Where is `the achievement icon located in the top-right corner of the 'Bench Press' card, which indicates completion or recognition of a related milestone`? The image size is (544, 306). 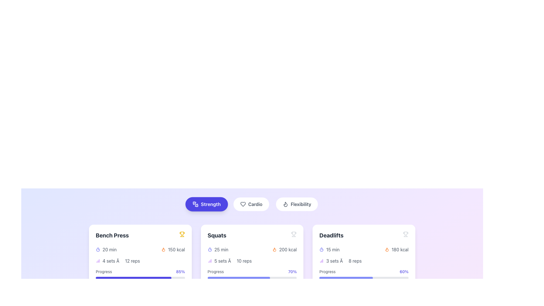
the achievement icon located in the top-right corner of the 'Bench Press' card, which indicates completion or recognition of a related milestone is located at coordinates (182, 234).